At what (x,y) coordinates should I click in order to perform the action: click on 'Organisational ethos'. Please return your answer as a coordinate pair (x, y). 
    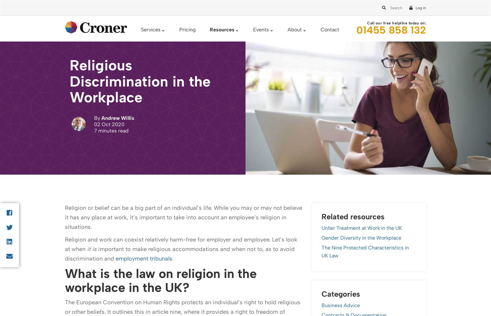
    Looking at the image, I should click on (105, 75).